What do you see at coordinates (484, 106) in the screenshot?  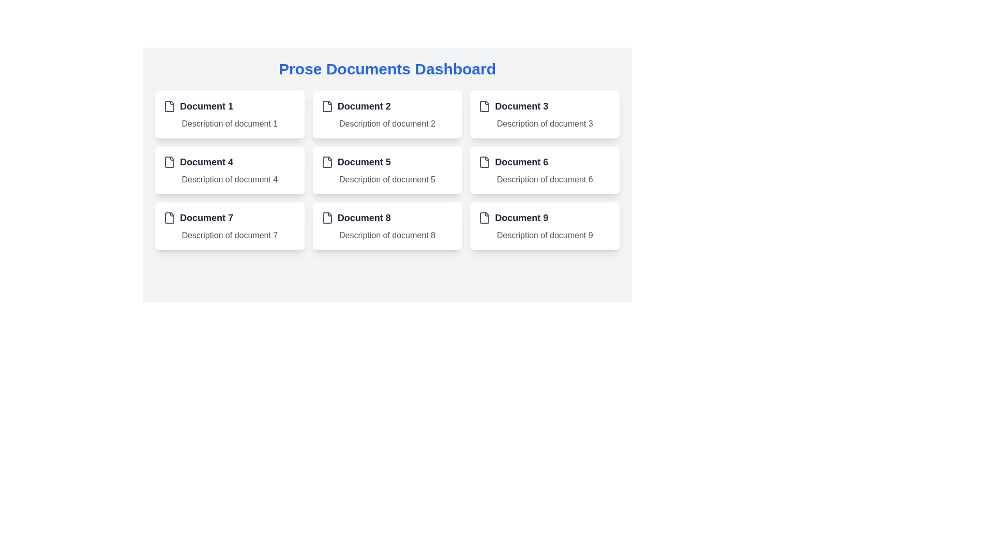 I see `the file document illustration icon located in the grid item labeled 'Document 3' in the top-right area of the layout` at bounding box center [484, 106].